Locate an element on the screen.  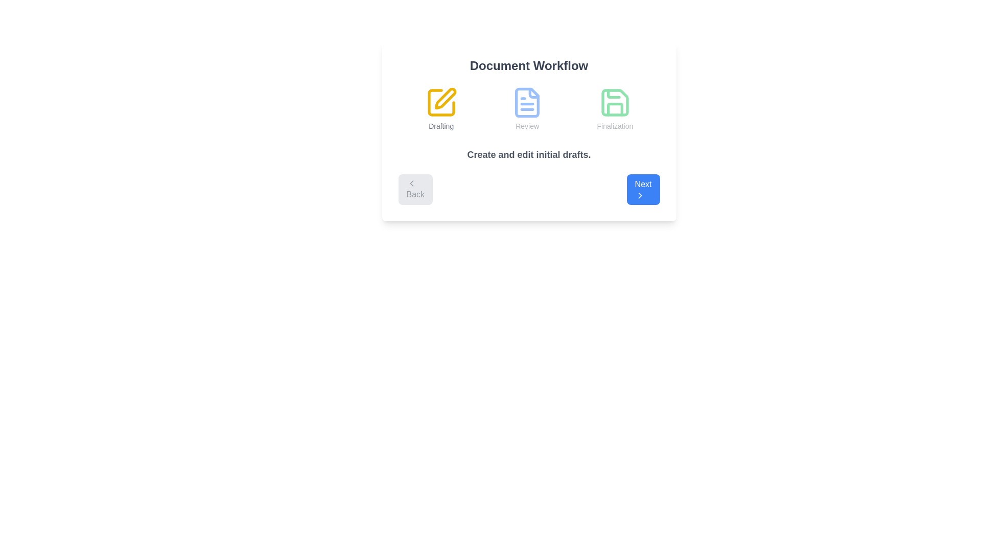
the completion icon with a text label, which is the rightmost element in a horizontal row of three elements labeled 'Drafting', 'Review', and 'Completion' is located at coordinates (614, 108).